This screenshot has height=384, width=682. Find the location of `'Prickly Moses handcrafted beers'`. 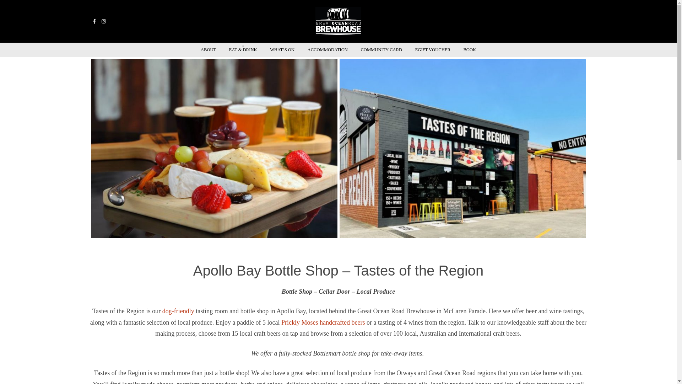

'Prickly Moses handcrafted beers' is located at coordinates (323, 322).